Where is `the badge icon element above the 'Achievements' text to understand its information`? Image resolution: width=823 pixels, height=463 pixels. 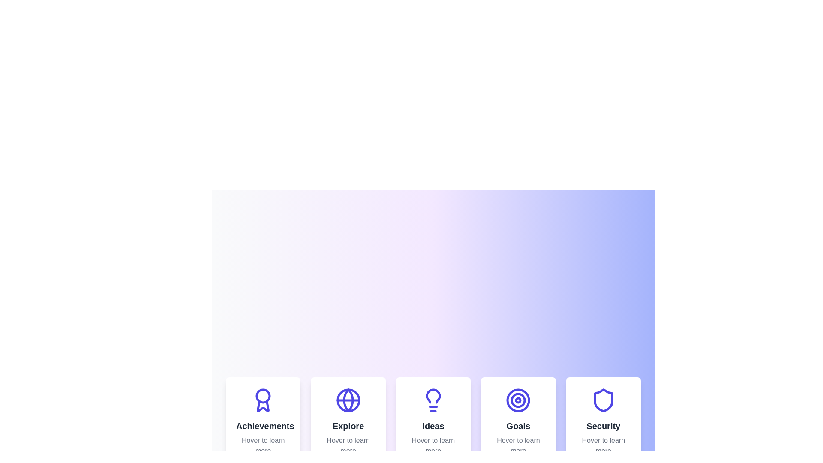
the badge icon element above the 'Achievements' text to understand its information is located at coordinates (263, 400).